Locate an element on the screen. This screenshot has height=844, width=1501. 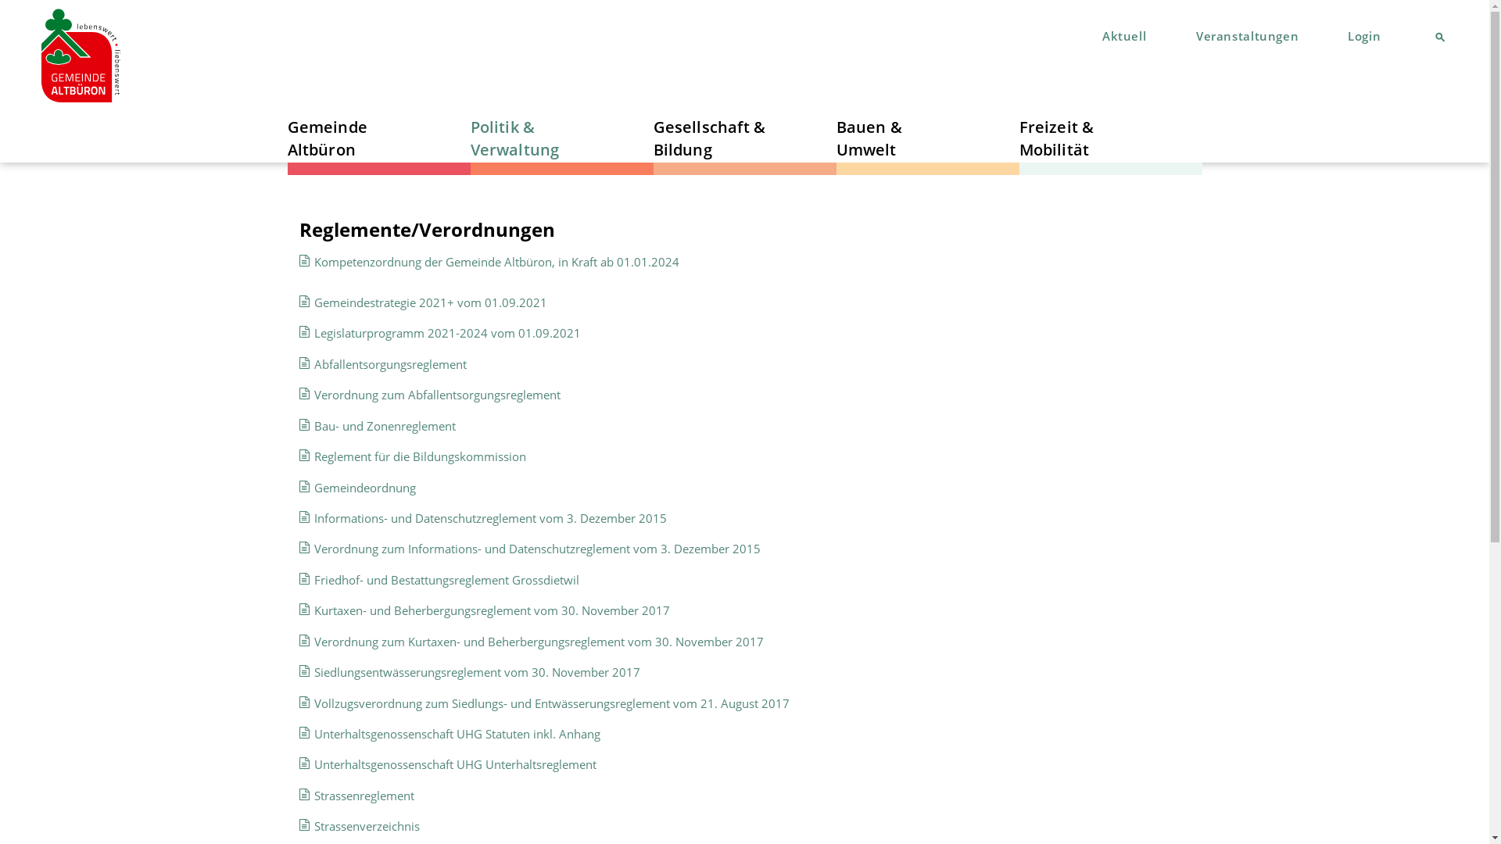
'Aktuell' is located at coordinates (1121, 35).